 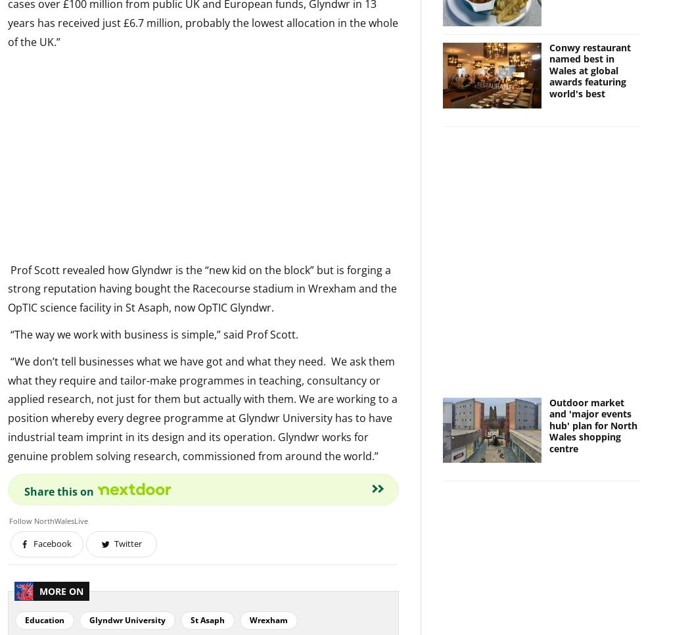 What do you see at coordinates (268, 619) in the screenshot?
I see `'Wrexham'` at bounding box center [268, 619].